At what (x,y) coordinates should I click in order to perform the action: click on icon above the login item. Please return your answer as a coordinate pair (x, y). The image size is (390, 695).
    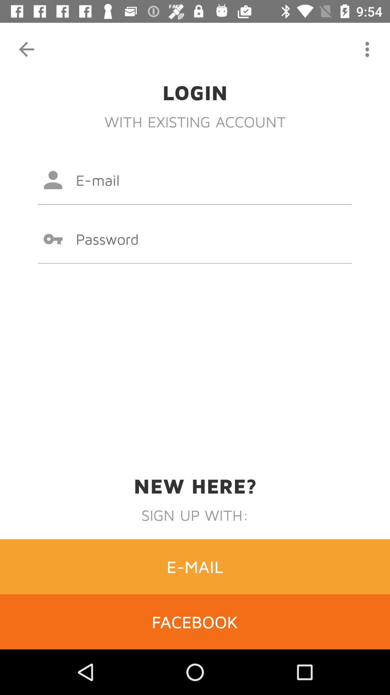
    Looking at the image, I should click on (367, 49).